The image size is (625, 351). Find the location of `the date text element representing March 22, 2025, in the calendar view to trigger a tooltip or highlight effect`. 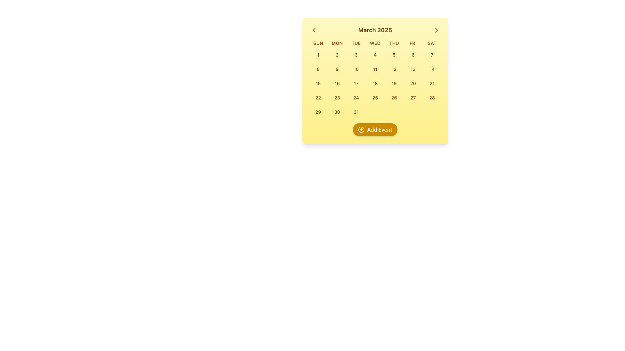

the date text element representing March 22, 2025, in the calendar view to trigger a tooltip or highlight effect is located at coordinates (318, 97).